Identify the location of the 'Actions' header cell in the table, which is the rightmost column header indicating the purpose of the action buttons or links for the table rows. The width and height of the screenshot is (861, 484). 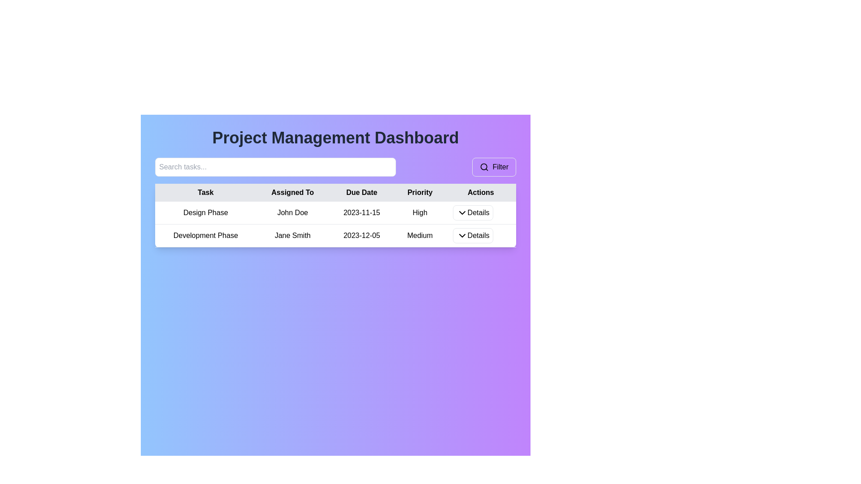
(480, 192).